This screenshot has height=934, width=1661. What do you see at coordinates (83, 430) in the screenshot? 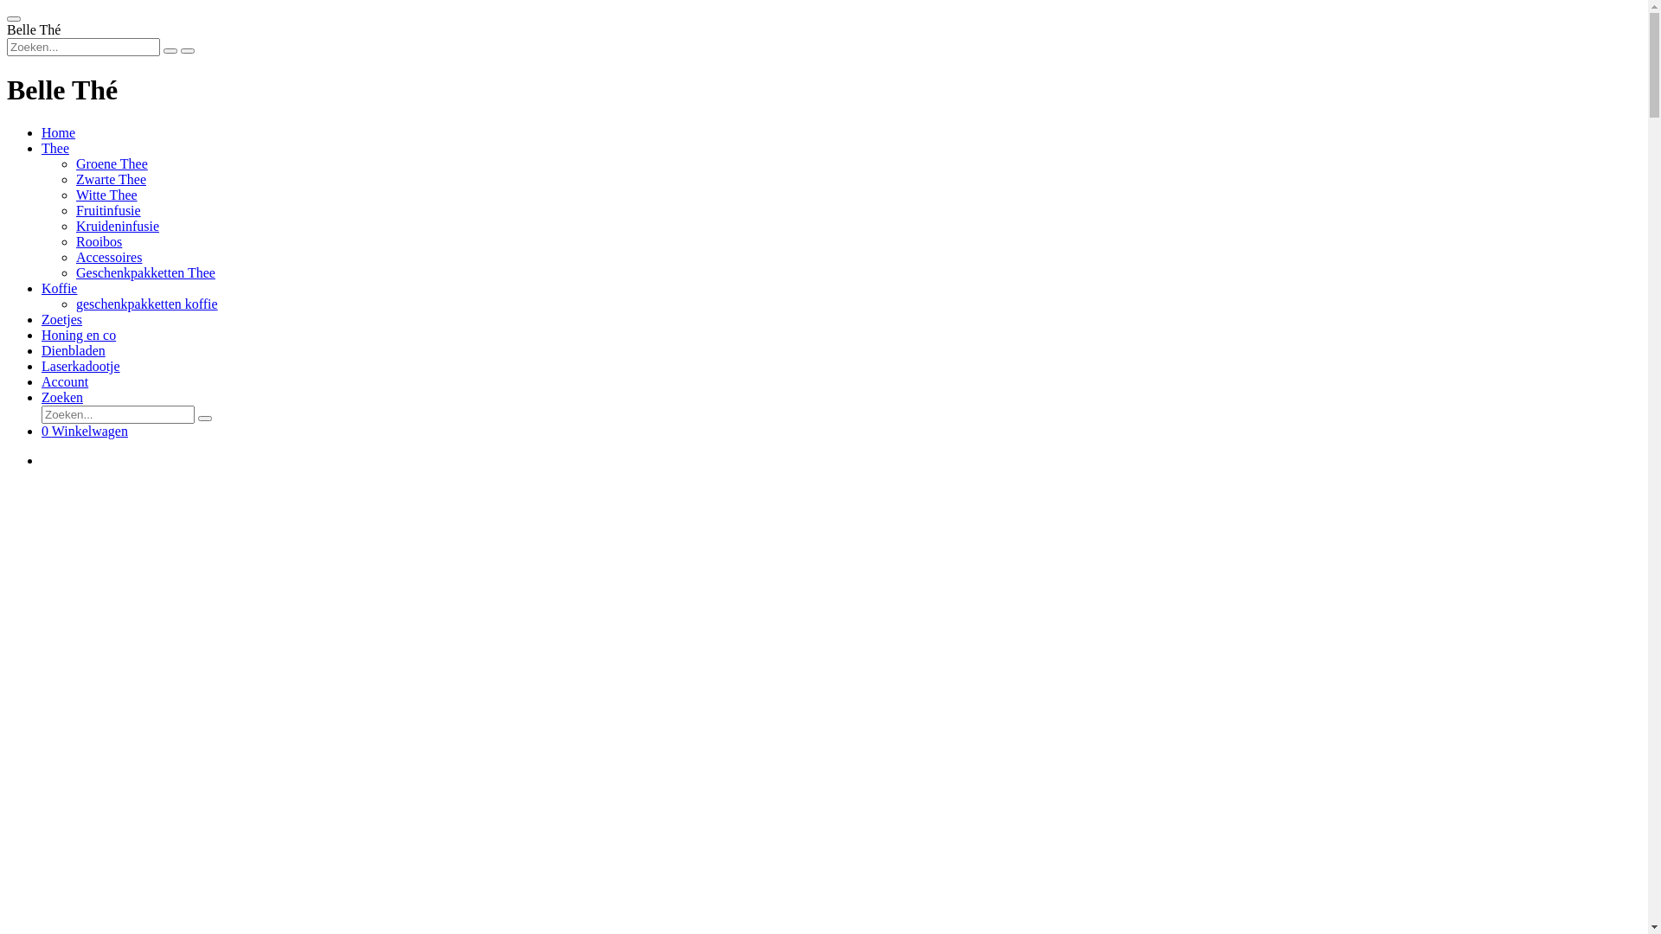
I see `'0 Winkelwagen'` at bounding box center [83, 430].